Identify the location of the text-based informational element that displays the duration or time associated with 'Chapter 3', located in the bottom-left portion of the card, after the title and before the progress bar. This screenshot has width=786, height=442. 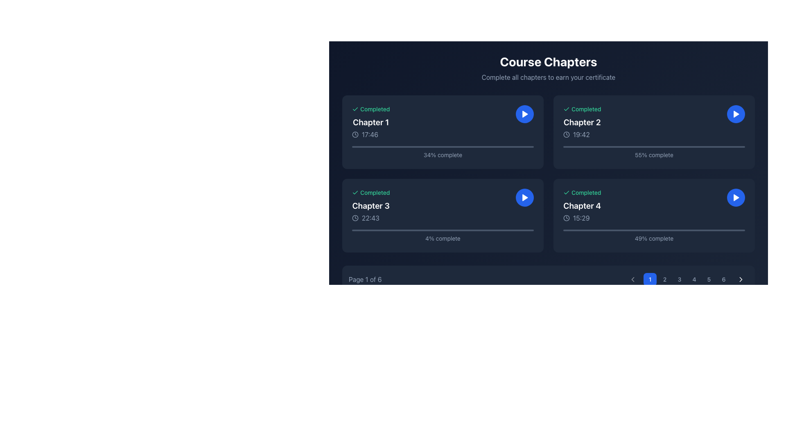
(370, 217).